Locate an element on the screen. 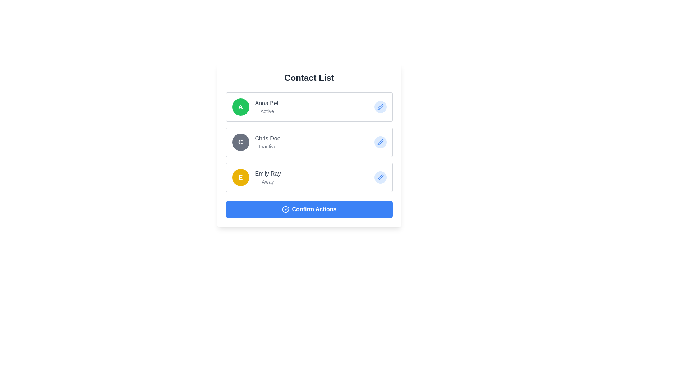 The width and height of the screenshot is (690, 388). the 'Inactive' text label located below 'Chris Doe' in the contact list to possibly view additional details is located at coordinates (267, 146).